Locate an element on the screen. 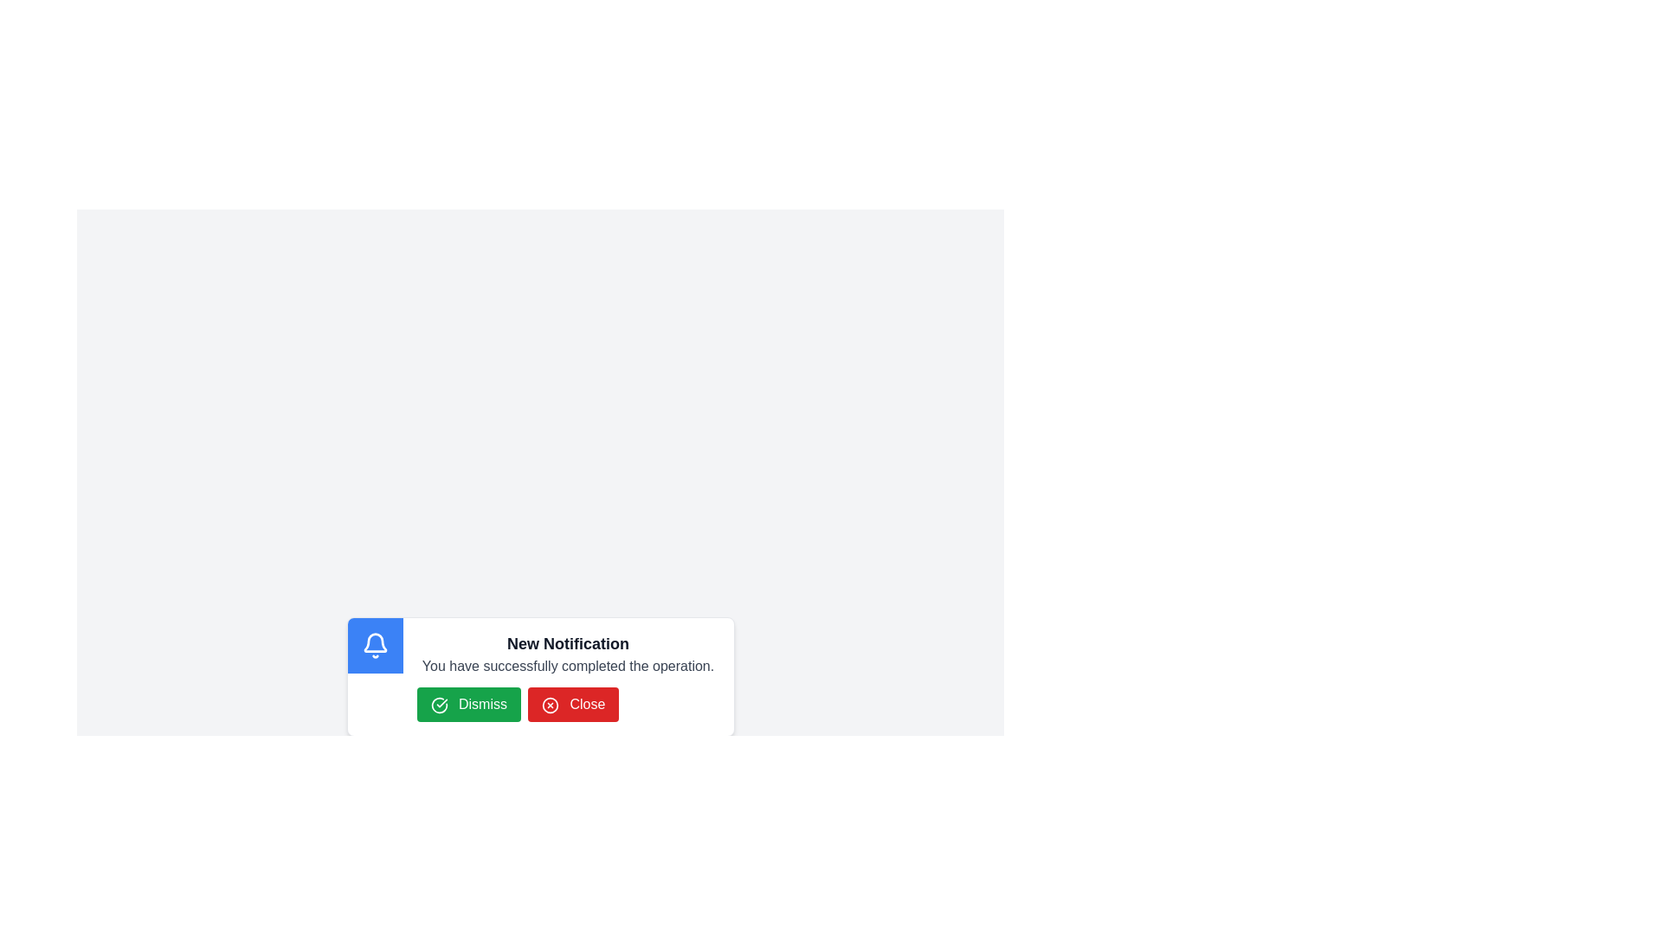 The width and height of the screenshot is (1662, 935). the green rectangular button labeled 'Dismiss' with a checkmark icon is located at coordinates (468, 704).